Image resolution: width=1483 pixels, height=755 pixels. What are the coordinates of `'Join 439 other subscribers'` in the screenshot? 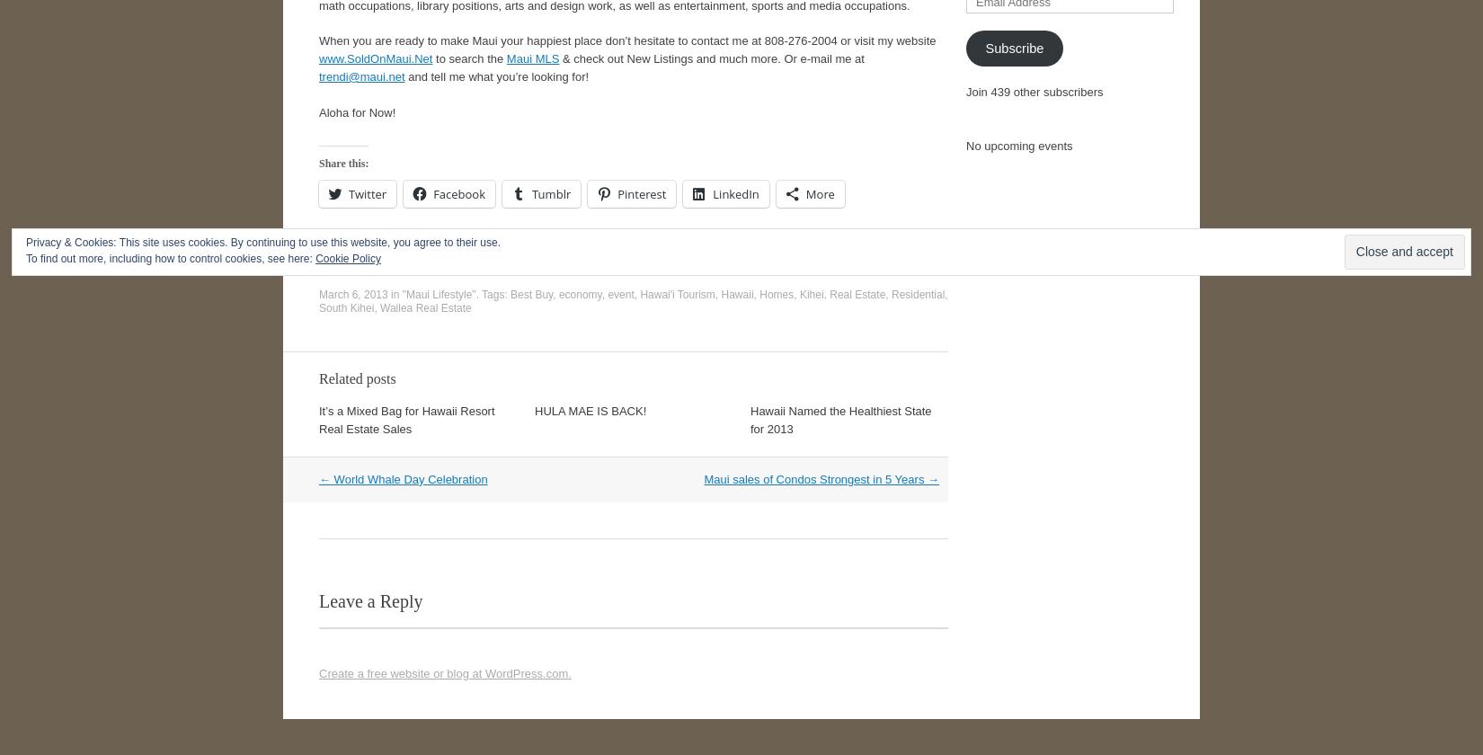 It's located at (1035, 92).